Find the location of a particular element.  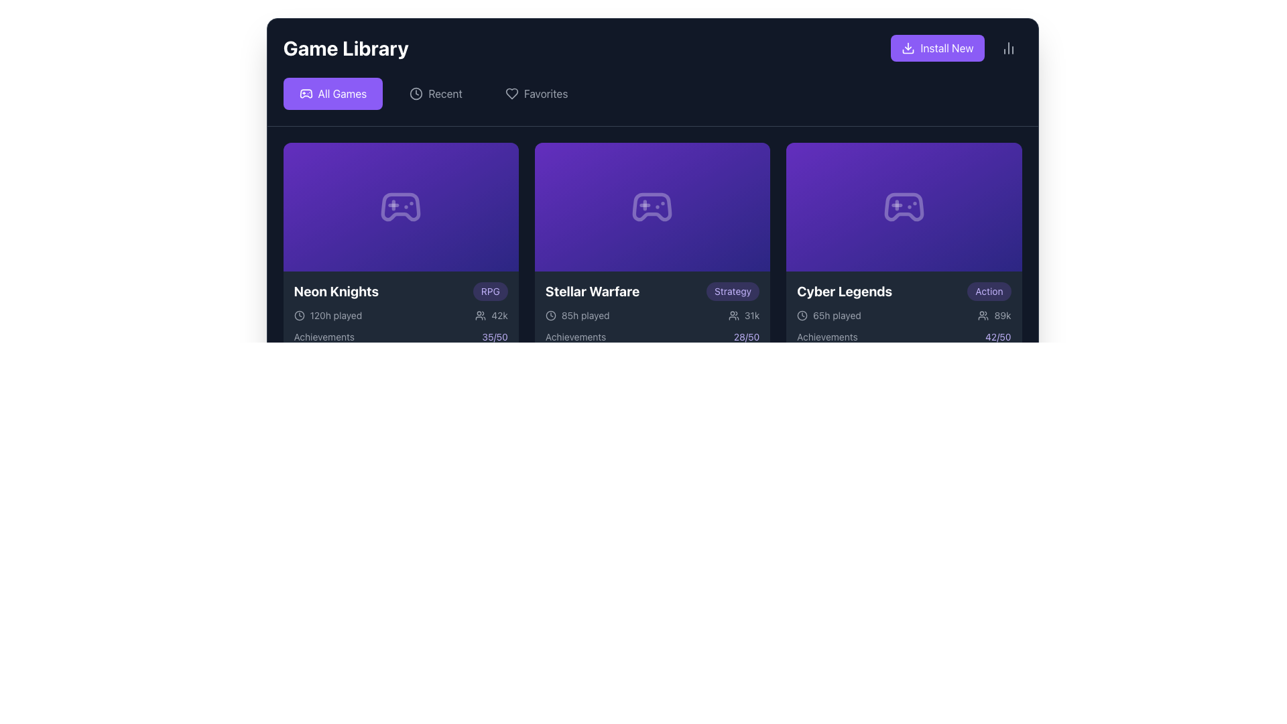

the time-related icon in the Game Library section, which precedes the '120h played' text is located at coordinates (298, 315).